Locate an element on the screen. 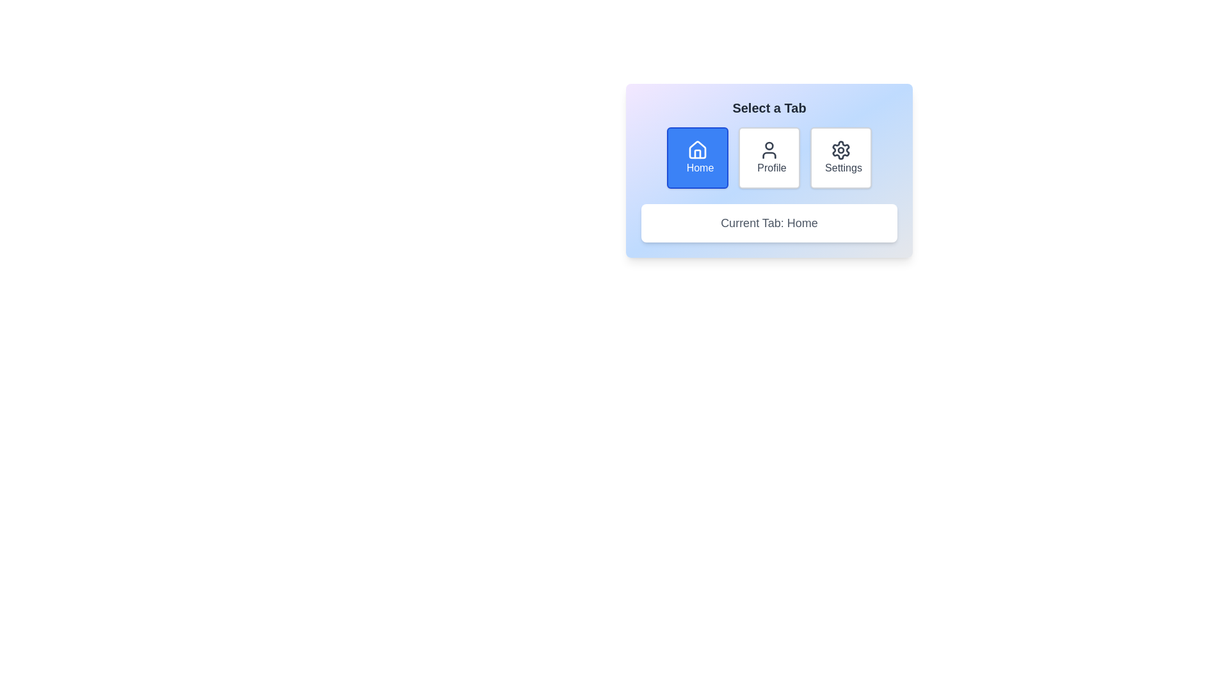  the inner shape of the stylized house icon, which represents the door or window within the house structure, part of the 'Home' interactive button group is located at coordinates (696, 153).